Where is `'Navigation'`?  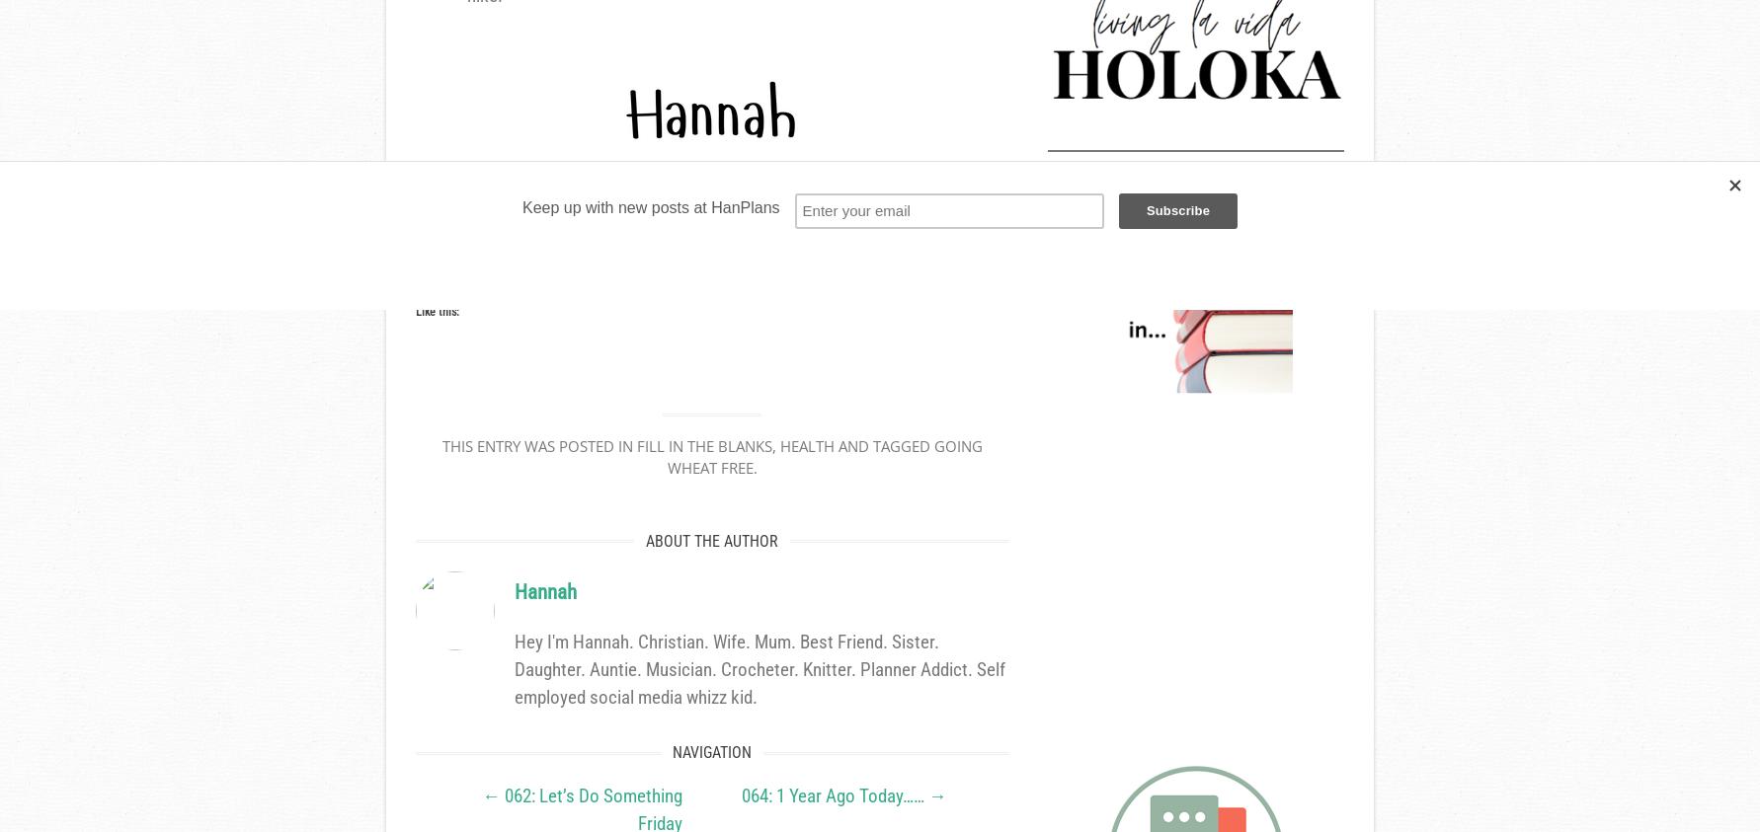 'Navigation' is located at coordinates (672, 752).